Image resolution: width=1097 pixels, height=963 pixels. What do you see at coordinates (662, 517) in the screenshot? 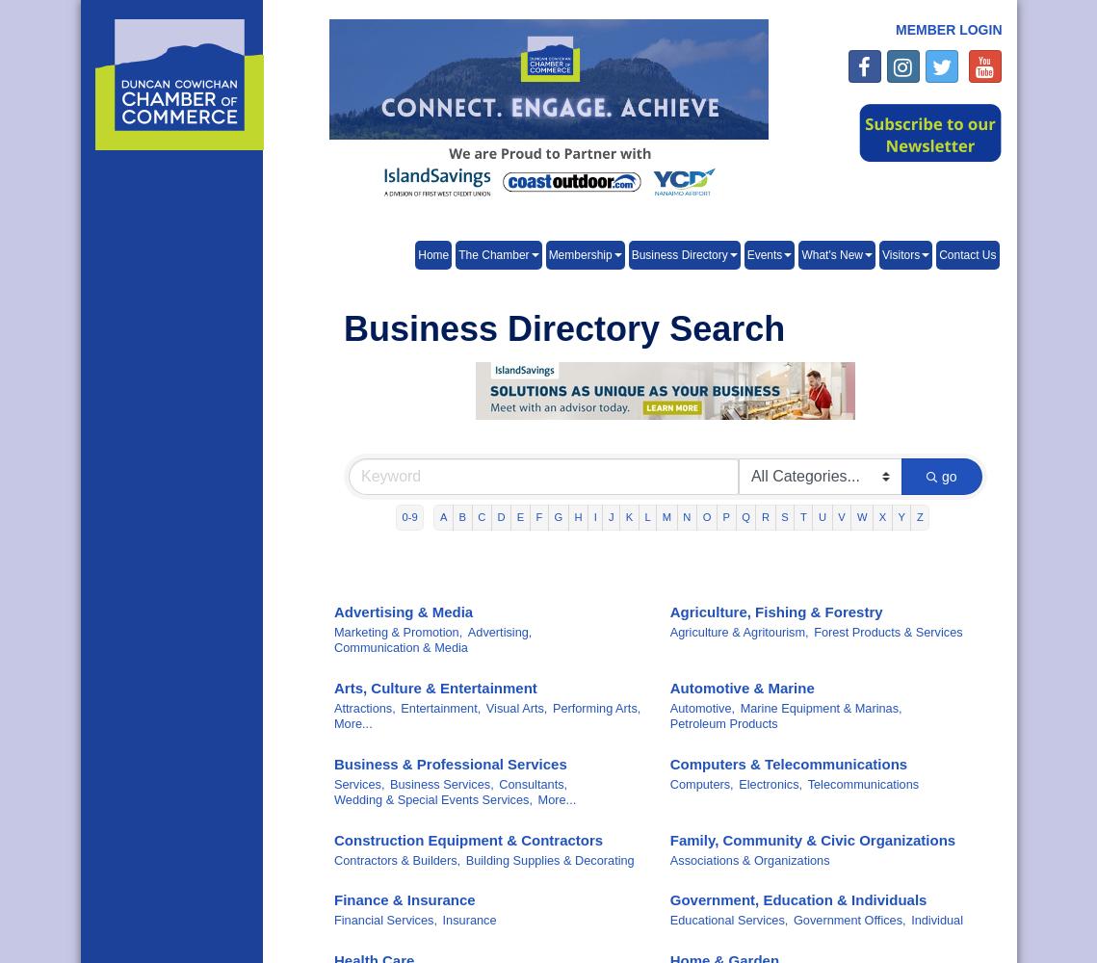
I see `'M'` at bounding box center [662, 517].